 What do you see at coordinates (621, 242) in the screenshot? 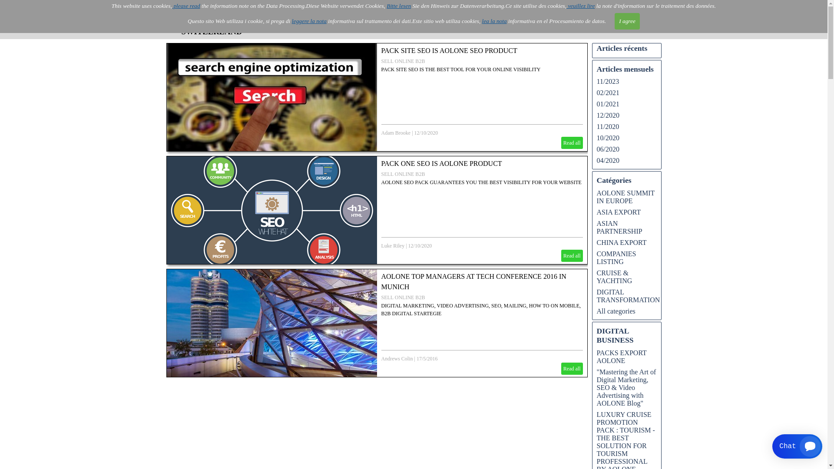
I see `'CHINA EXPORT'` at bounding box center [621, 242].